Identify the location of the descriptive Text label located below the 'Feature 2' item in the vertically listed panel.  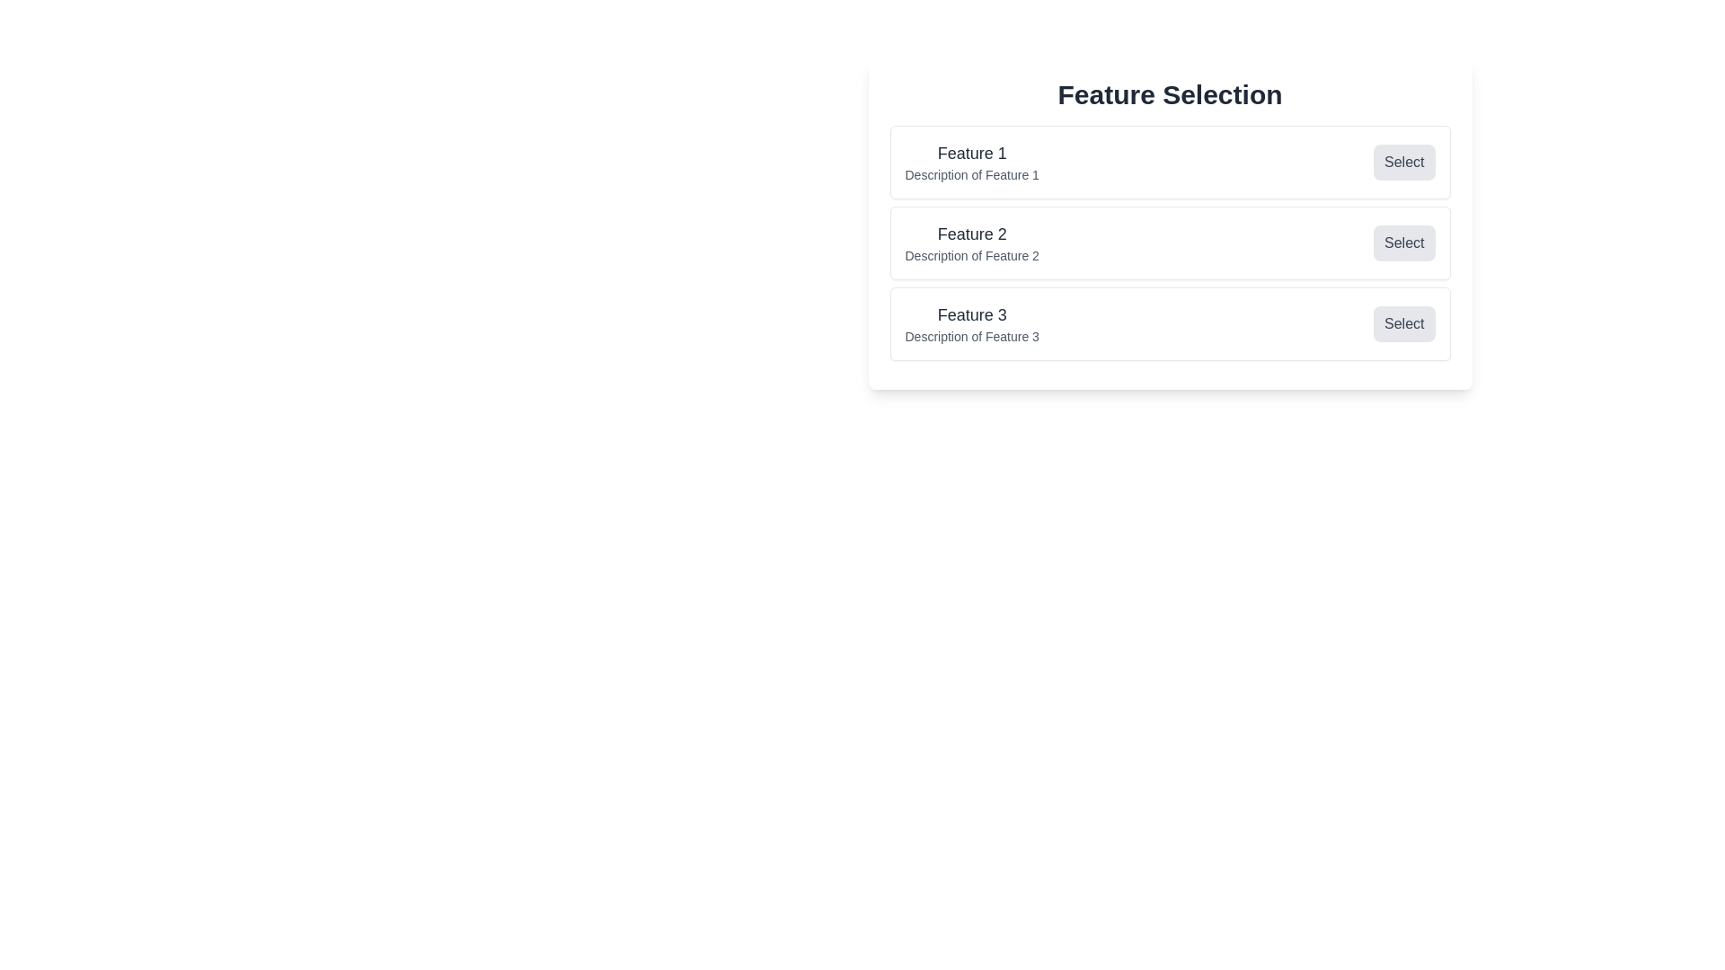
(971, 256).